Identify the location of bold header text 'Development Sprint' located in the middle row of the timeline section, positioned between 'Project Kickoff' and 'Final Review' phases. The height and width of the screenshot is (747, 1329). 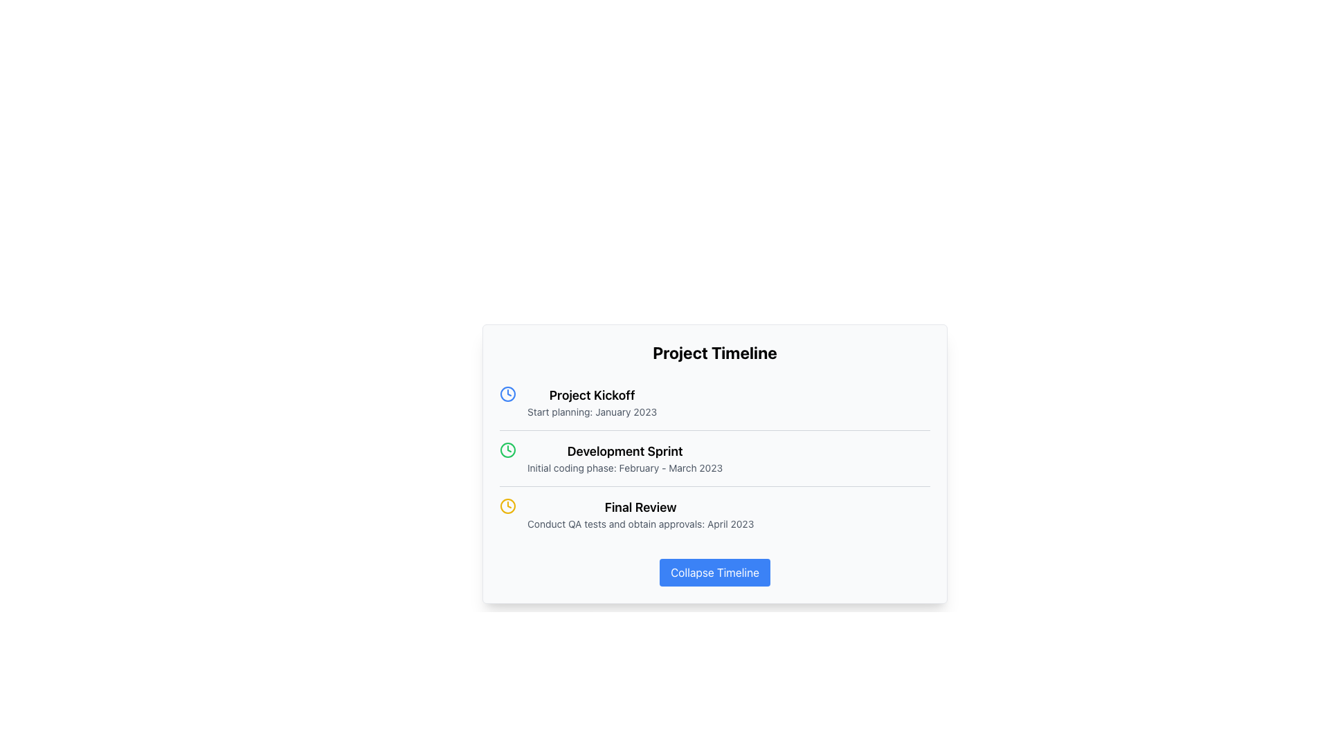
(624, 451).